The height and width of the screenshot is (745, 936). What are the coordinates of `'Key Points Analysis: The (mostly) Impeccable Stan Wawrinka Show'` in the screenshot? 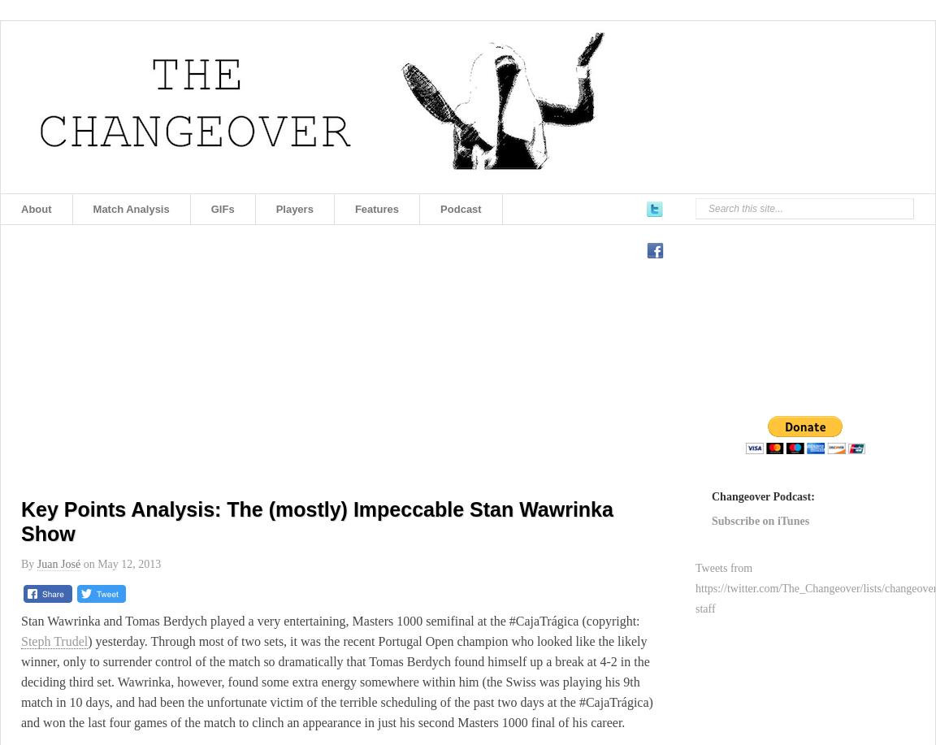 It's located at (315, 520).